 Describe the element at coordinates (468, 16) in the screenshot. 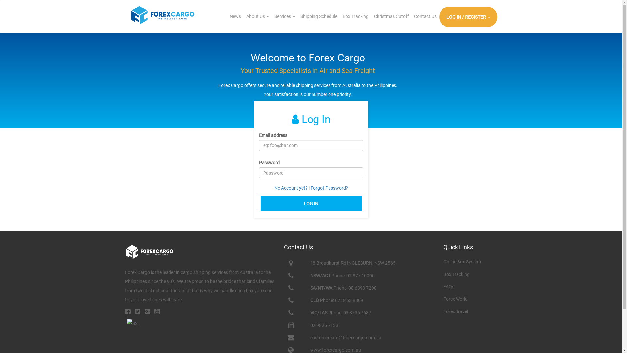

I see `'LOG IN / REGISTER'` at that location.